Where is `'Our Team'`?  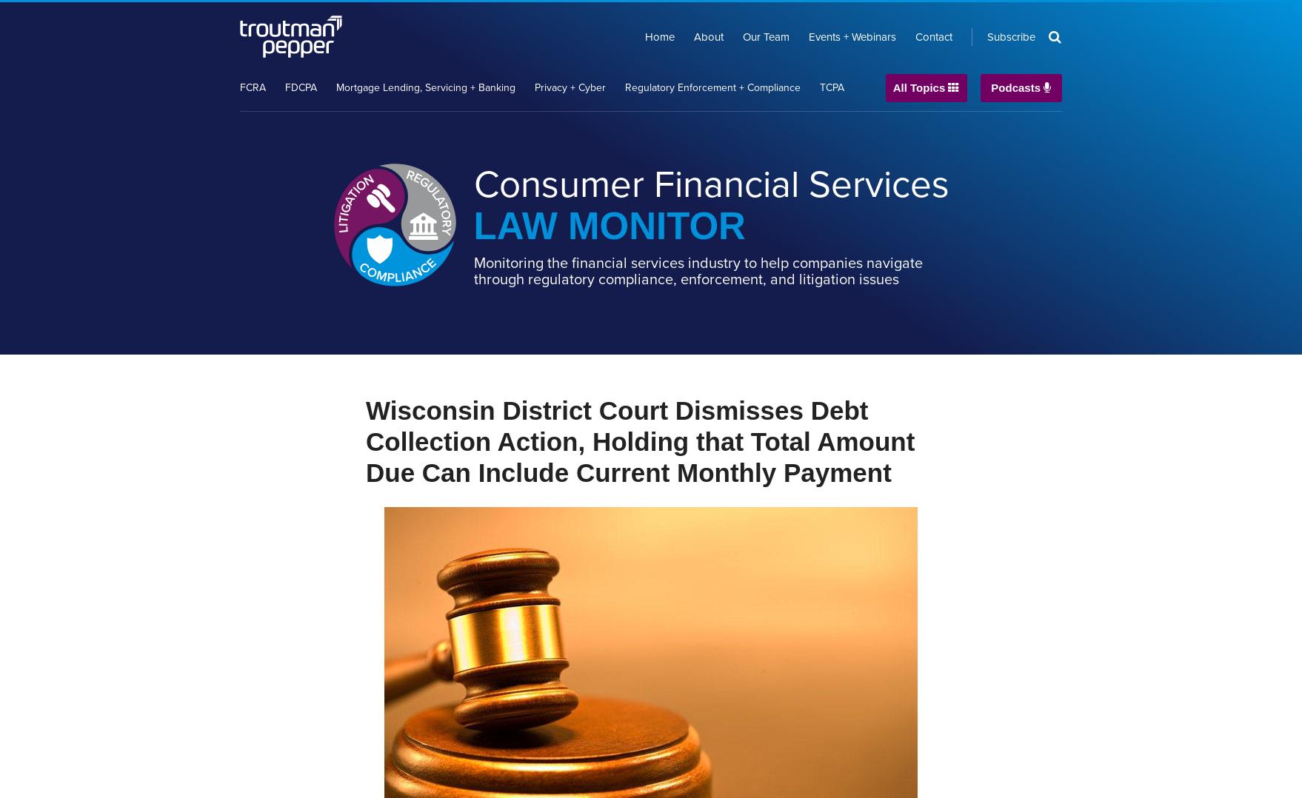
'Our Team' is located at coordinates (765, 36).